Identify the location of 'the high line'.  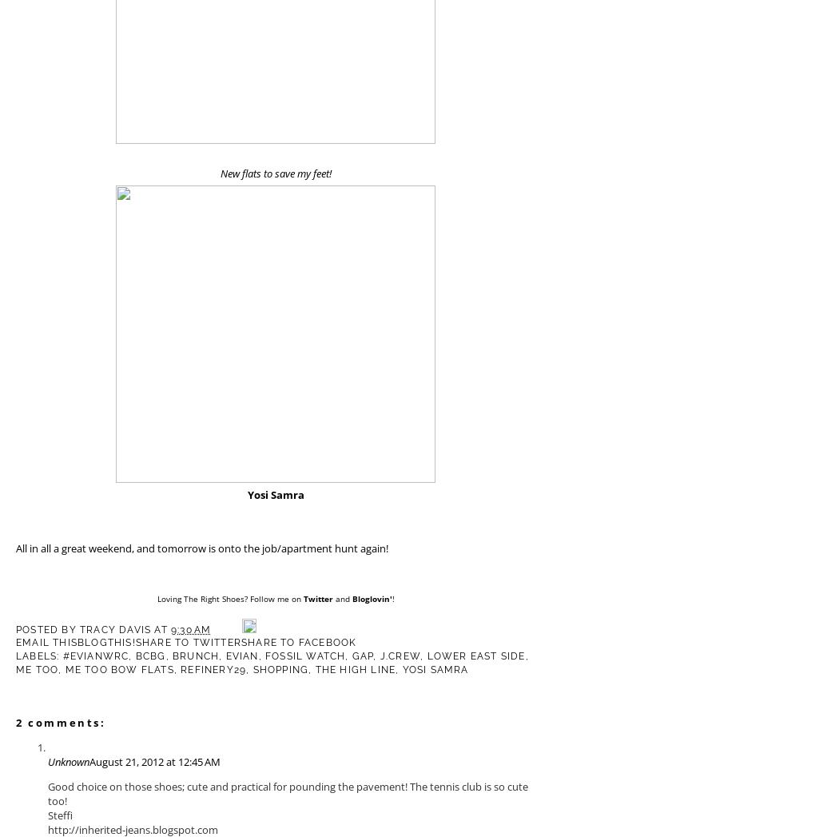
(354, 670).